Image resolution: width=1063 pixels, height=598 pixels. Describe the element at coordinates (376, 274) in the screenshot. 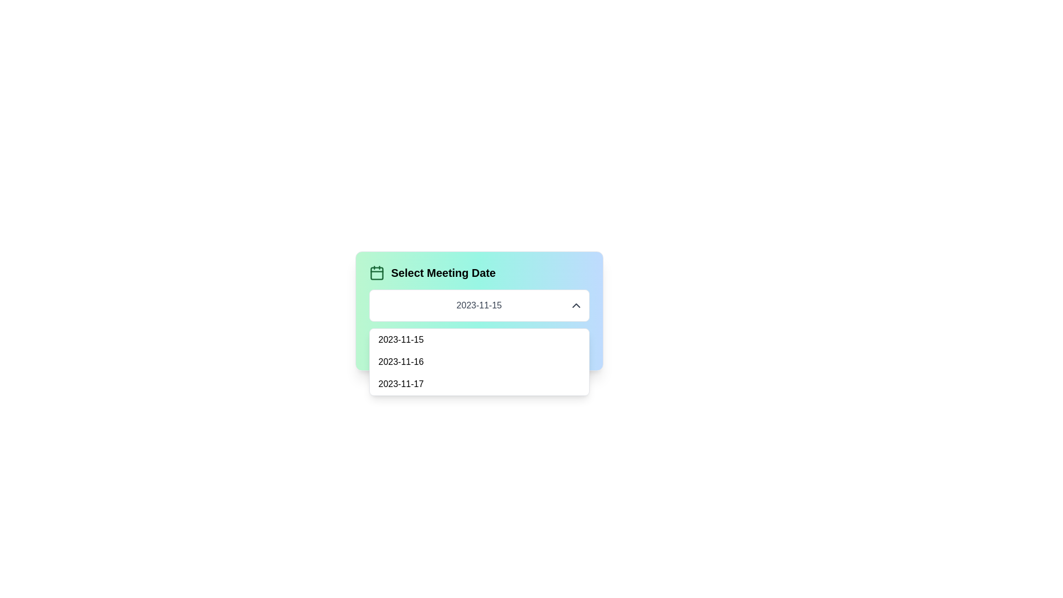

I see `the central body of the calendar icon, which visually represents the calendar symbol in the UI layout` at that location.